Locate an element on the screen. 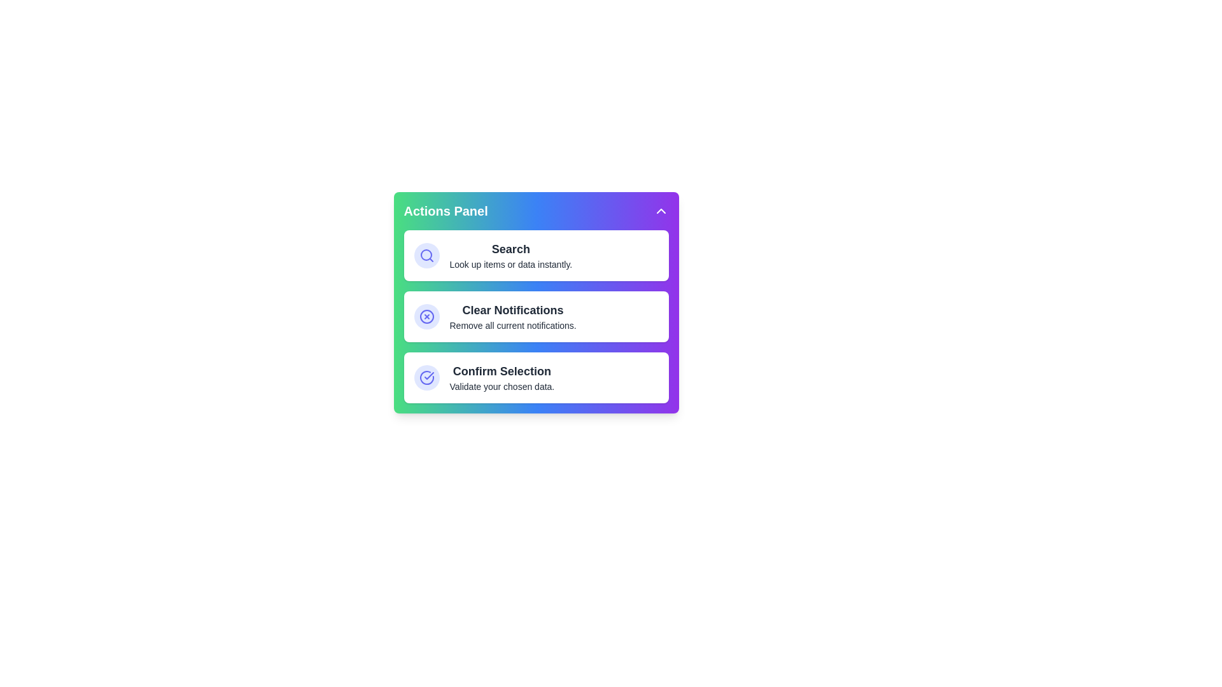  the 'Search' action item to trigger a search is located at coordinates (536, 255).